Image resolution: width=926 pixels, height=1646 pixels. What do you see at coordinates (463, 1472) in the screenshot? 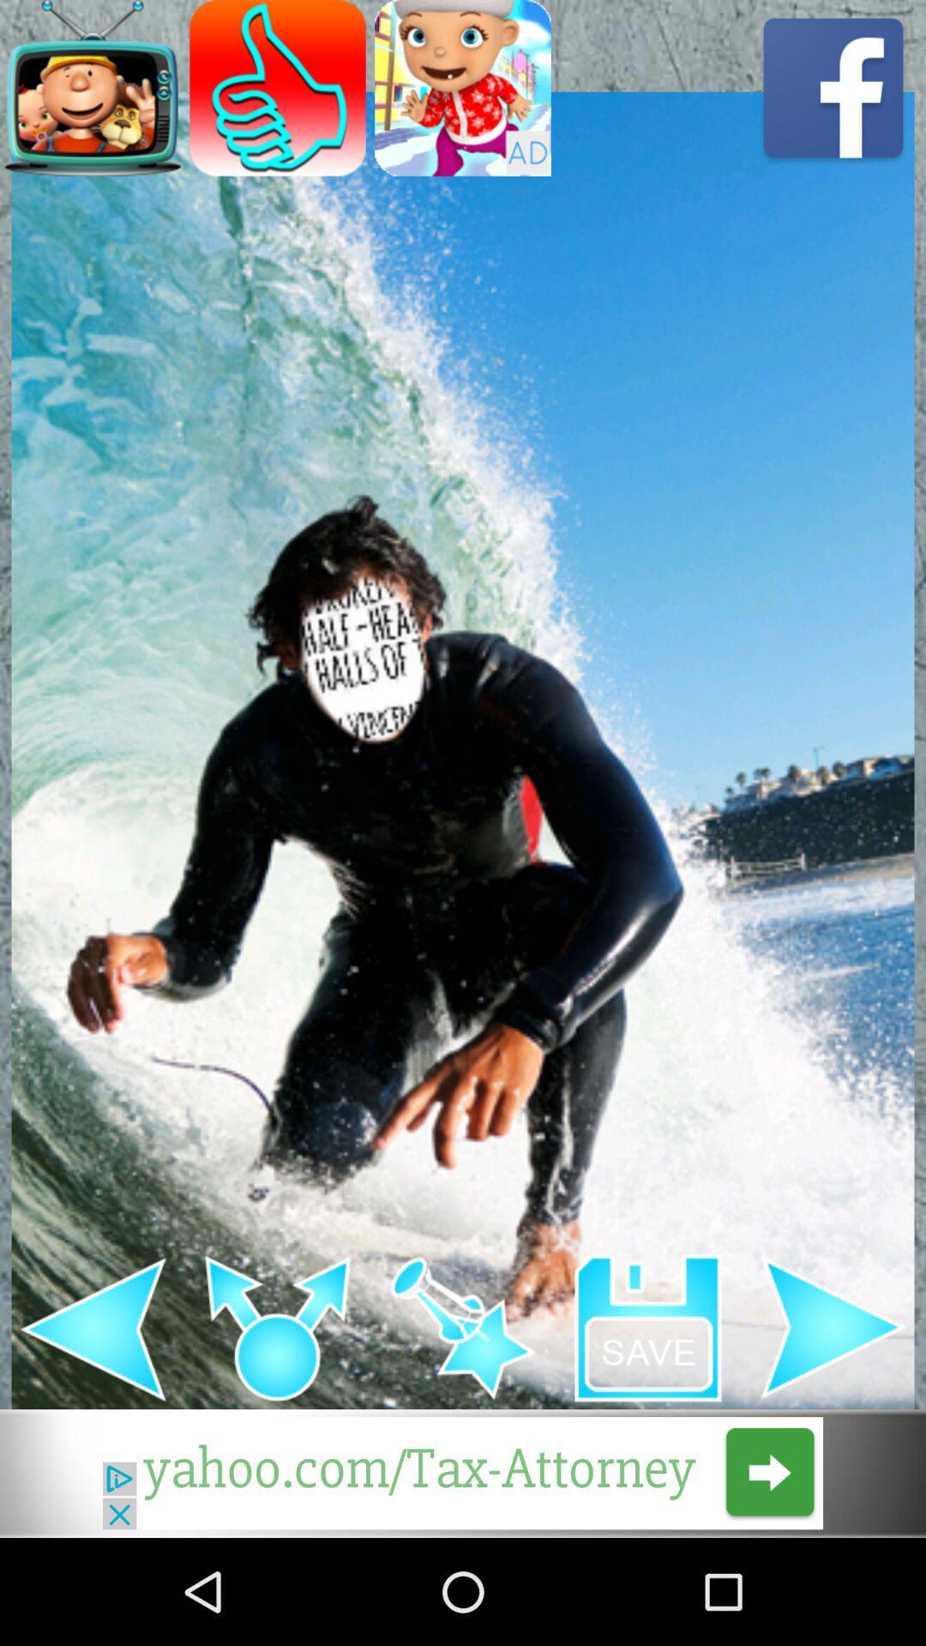
I see `link to advertisement link` at bounding box center [463, 1472].